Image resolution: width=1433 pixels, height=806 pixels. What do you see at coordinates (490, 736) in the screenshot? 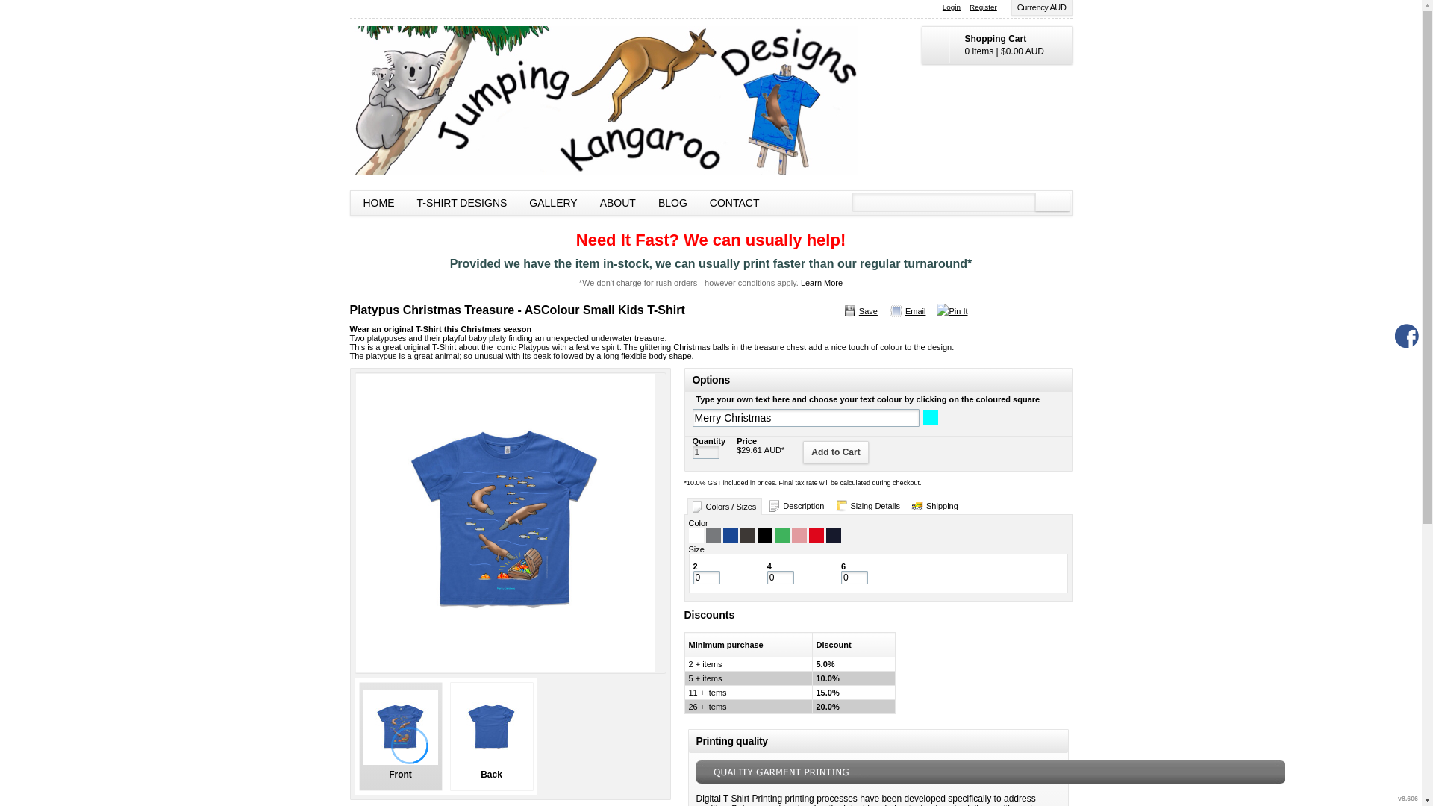
I see `'Back'` at bounding box center [490, 736].